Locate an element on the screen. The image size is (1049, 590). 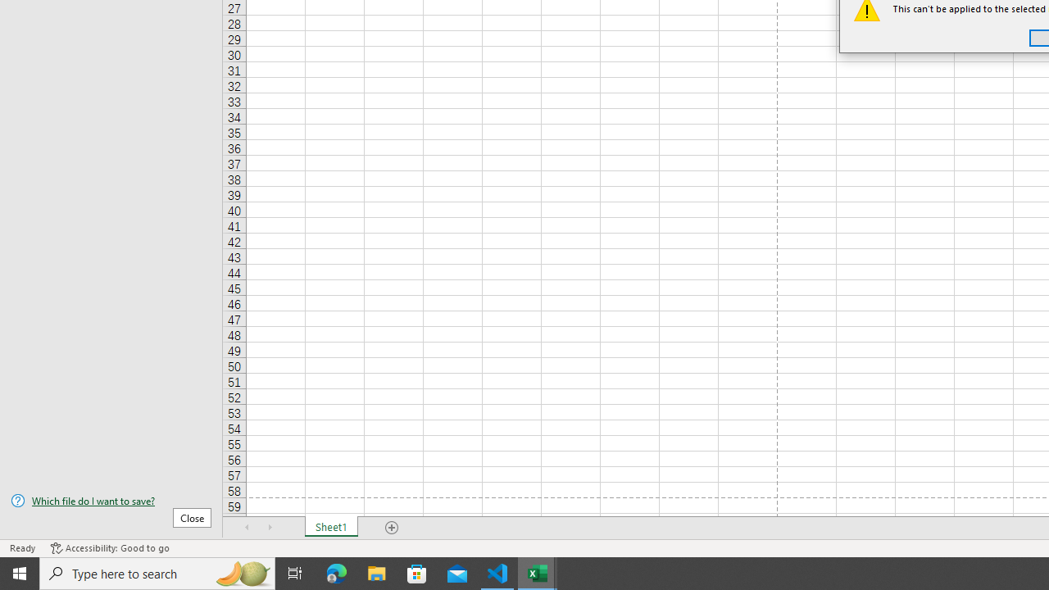
'Type here to search' is located at coordinates (157, 572).